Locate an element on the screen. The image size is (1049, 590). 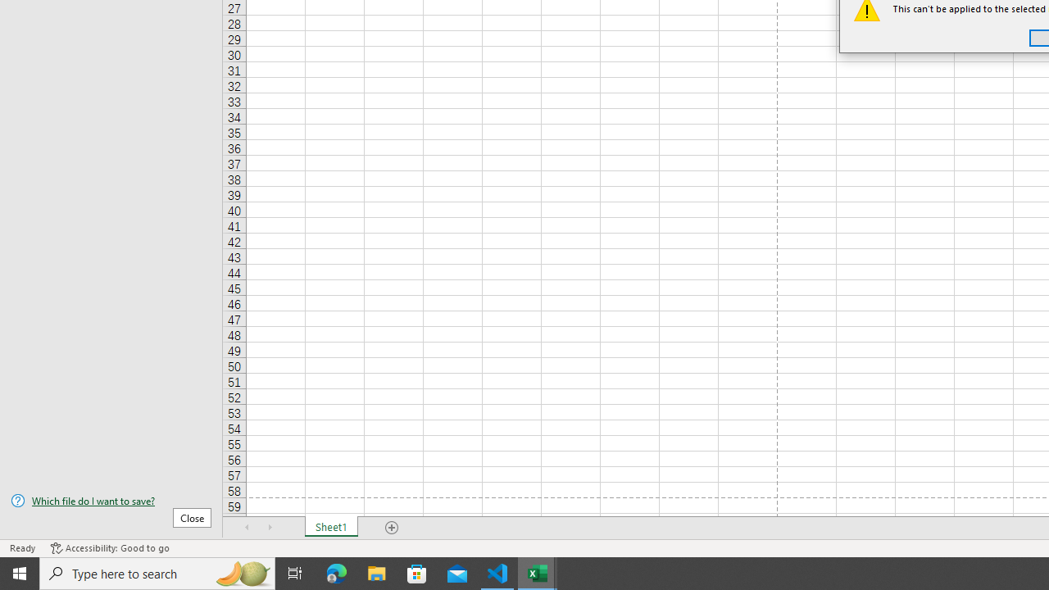
'Type here to search' is located at coordinates (157, 572).